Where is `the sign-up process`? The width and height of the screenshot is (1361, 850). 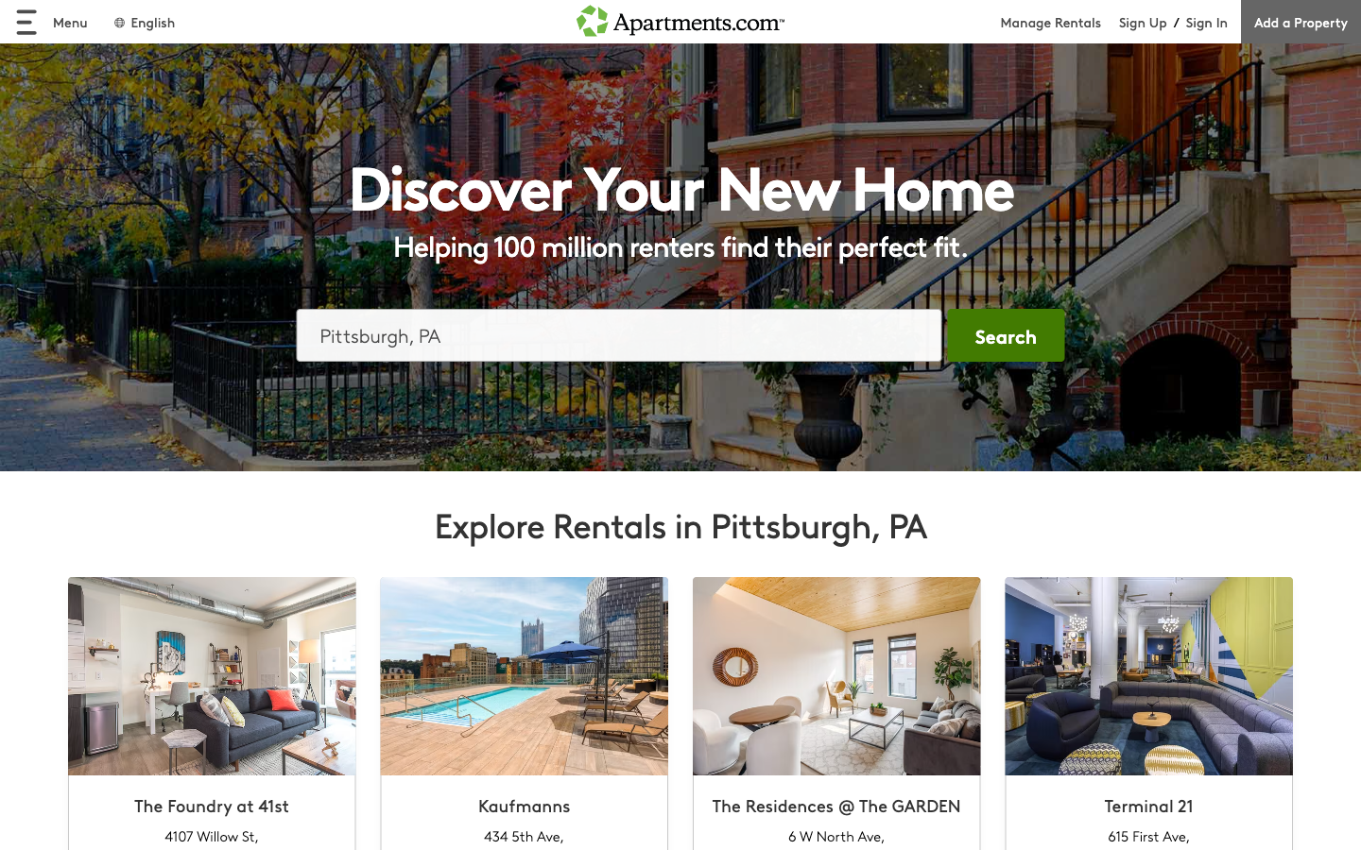
the sign-up process is located at coordinates (1142, 21).